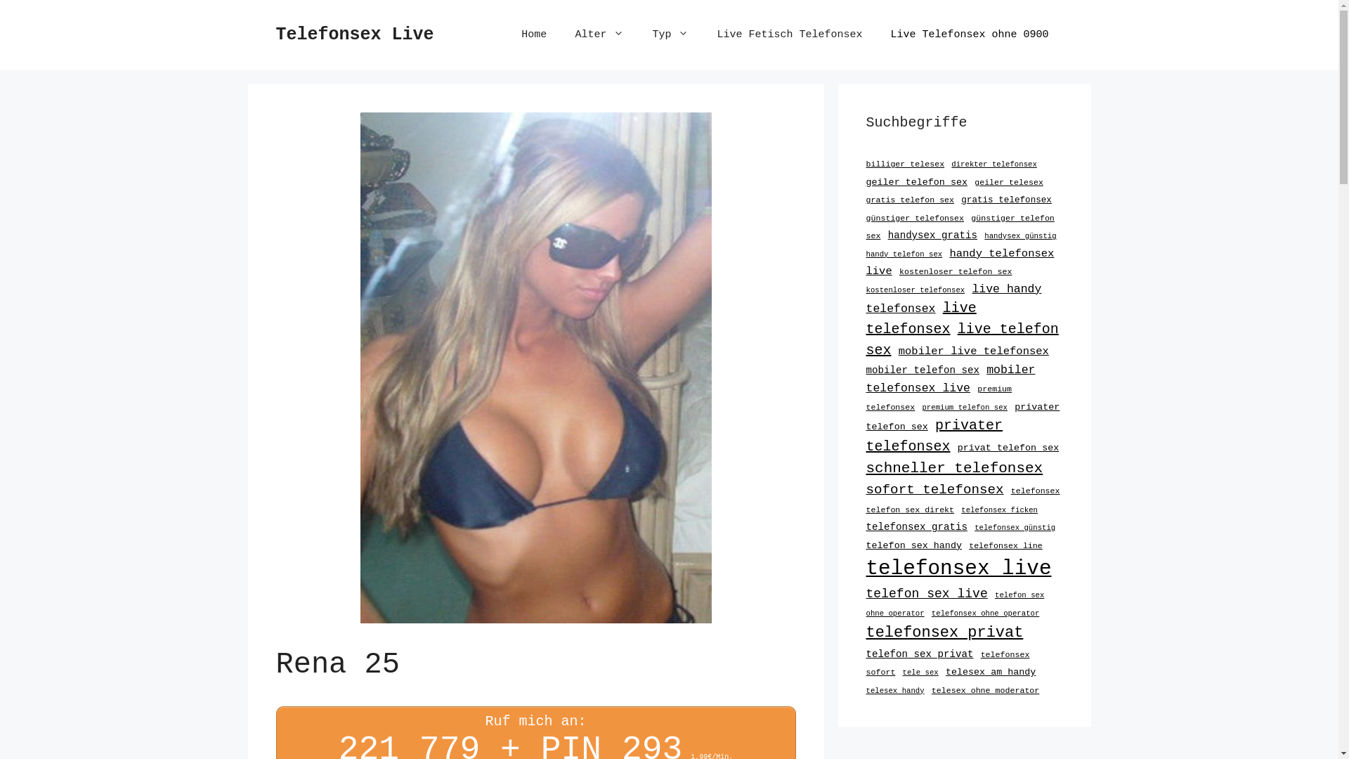 Image resolution: width=1349 pixels, height=759 pixels. Describe the element at coordinates (920, 318) in the screenshot. I see `'live telefonsex'` at that location.